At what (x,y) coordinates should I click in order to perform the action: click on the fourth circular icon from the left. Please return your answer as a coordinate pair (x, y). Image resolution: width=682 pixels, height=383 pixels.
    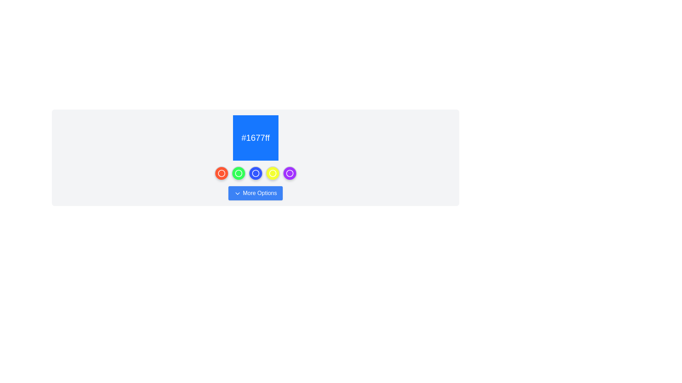
    Looking at the image, I should click on (272, 173).